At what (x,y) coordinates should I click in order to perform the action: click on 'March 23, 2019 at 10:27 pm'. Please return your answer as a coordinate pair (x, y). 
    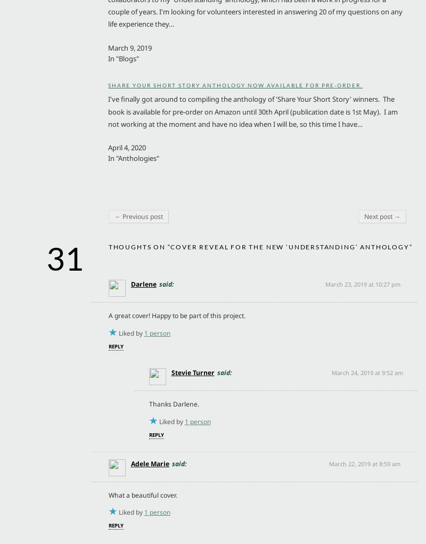
    Looking at the image, I should click on (363, 283).